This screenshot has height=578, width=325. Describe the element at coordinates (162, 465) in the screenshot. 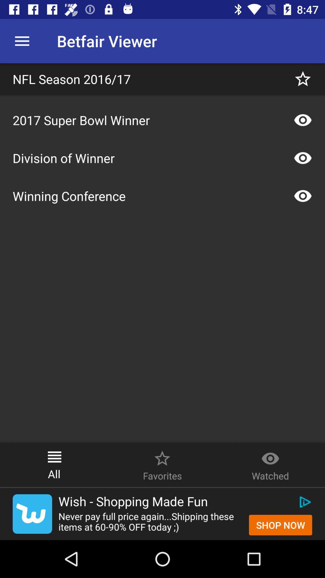

I see `the image and text right to all at the bottom of the page` at that location.